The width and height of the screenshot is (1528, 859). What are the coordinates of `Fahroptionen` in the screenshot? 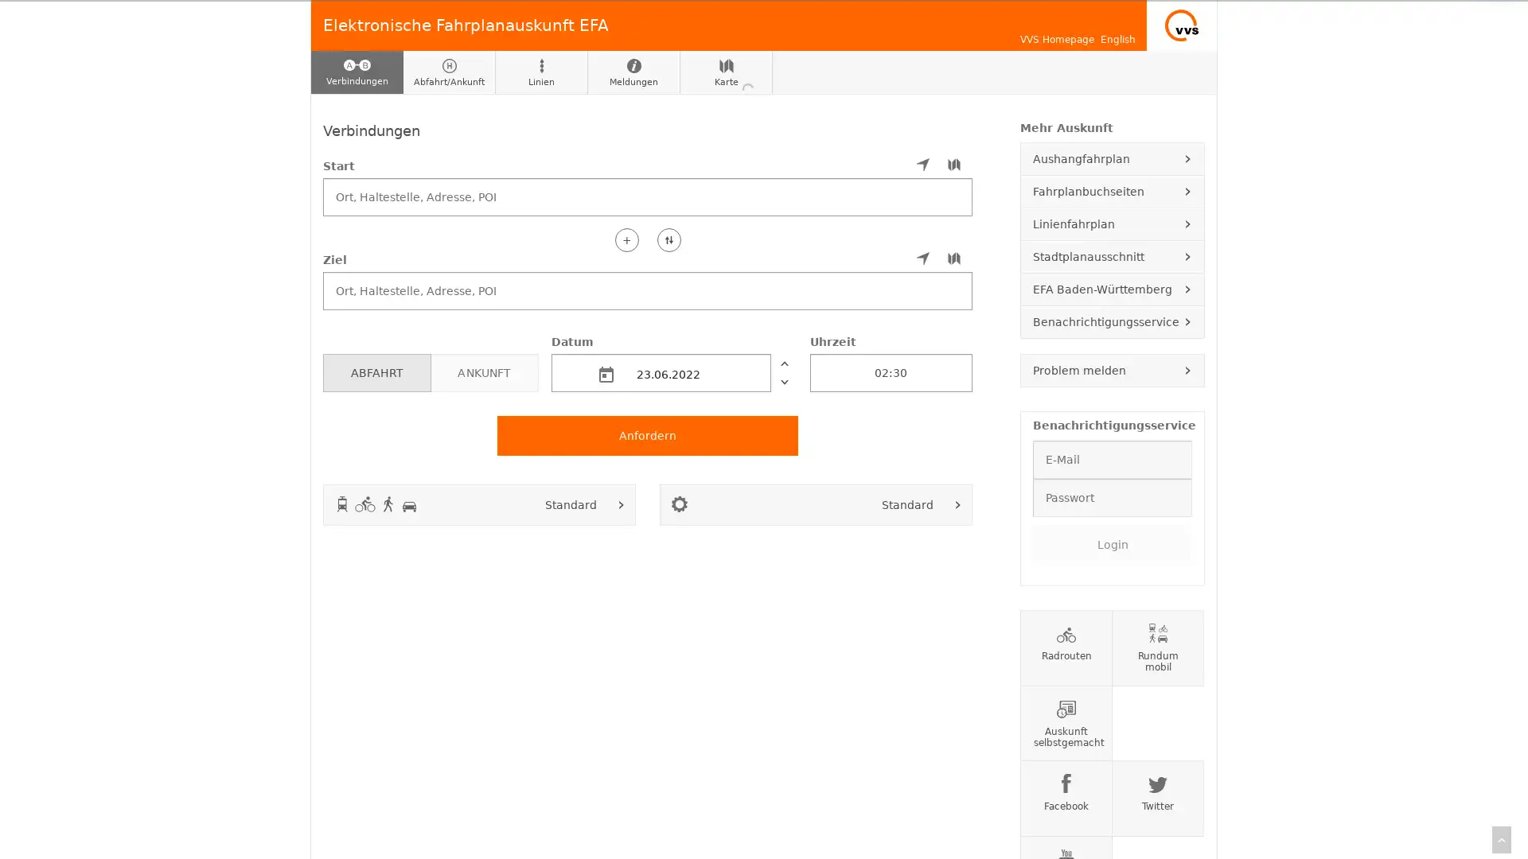 It's located at (957, 503).